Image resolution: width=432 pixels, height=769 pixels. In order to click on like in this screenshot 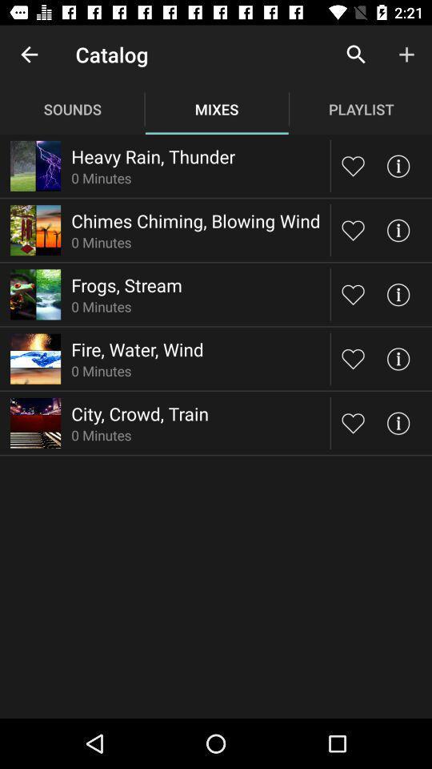, I will do `click(353, 358)`.